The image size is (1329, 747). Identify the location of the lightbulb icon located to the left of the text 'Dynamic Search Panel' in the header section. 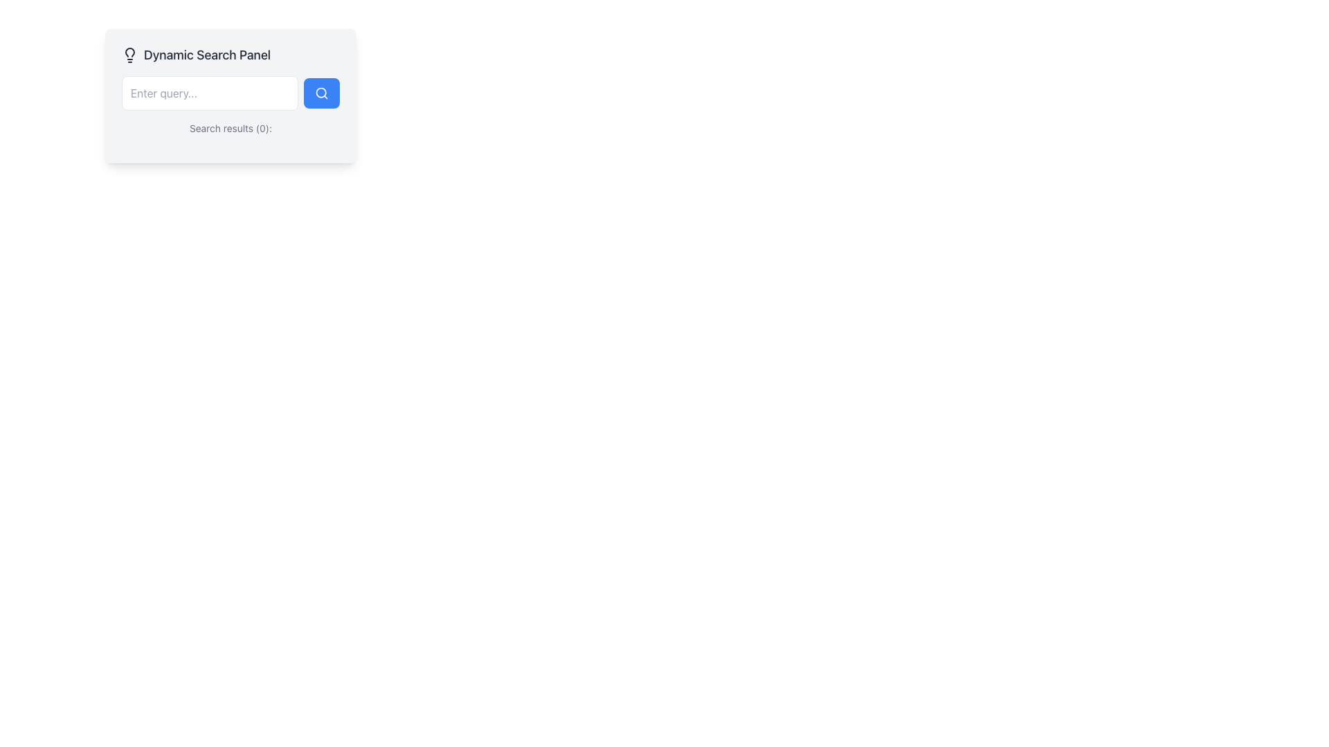
(129, 55).